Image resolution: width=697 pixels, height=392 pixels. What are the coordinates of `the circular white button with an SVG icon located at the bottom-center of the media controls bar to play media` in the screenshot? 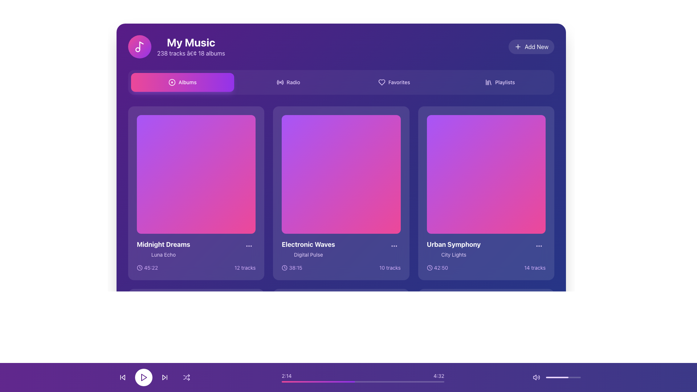 It's located at (143, 377).